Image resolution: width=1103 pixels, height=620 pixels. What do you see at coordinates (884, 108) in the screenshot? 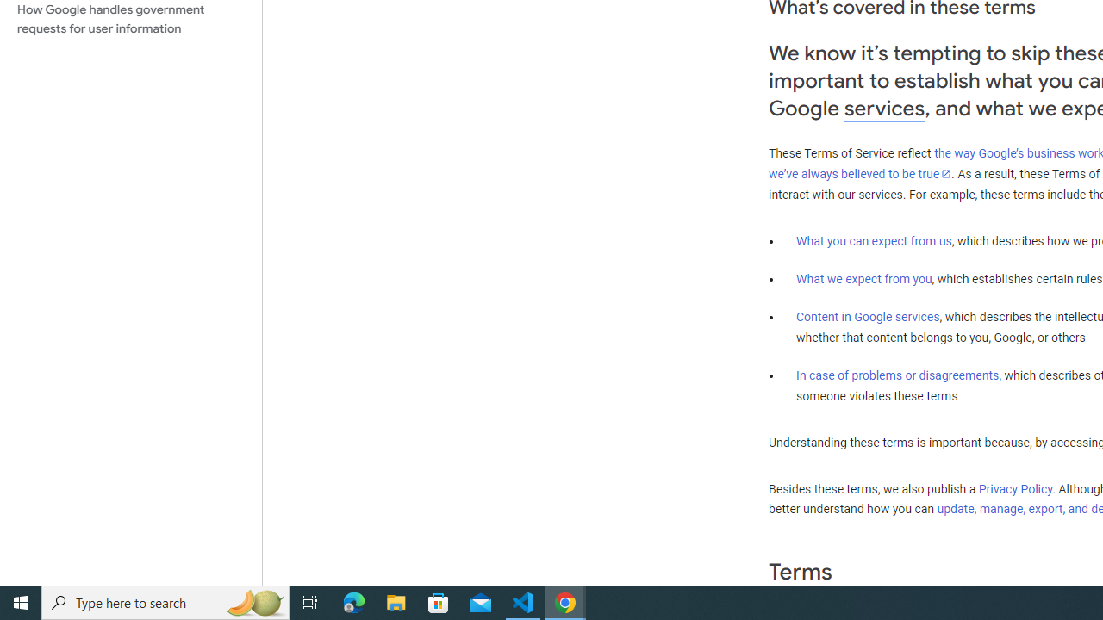
I see `'services'` at bounding box center [884, 108].